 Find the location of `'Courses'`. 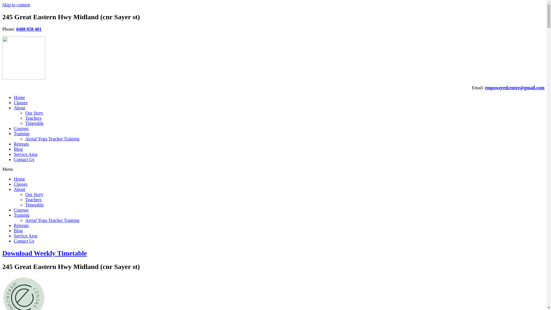

'Courses' is located at coordinates (21, 210).